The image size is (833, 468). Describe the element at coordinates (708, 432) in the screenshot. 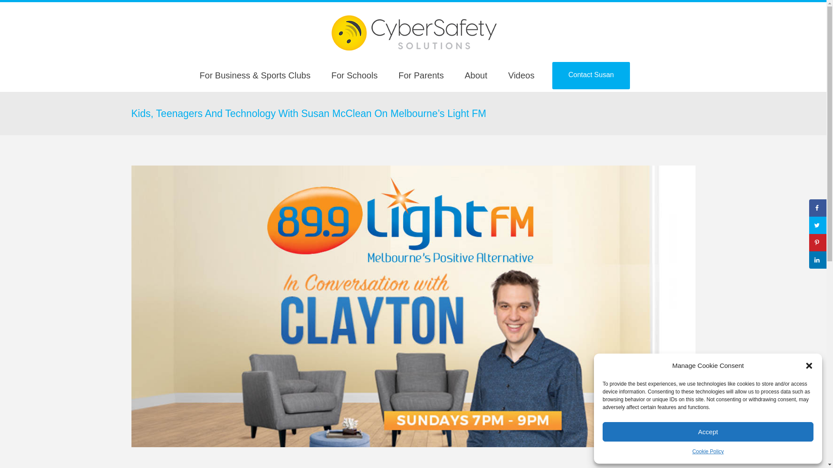

I see `'Accept'` at that location.